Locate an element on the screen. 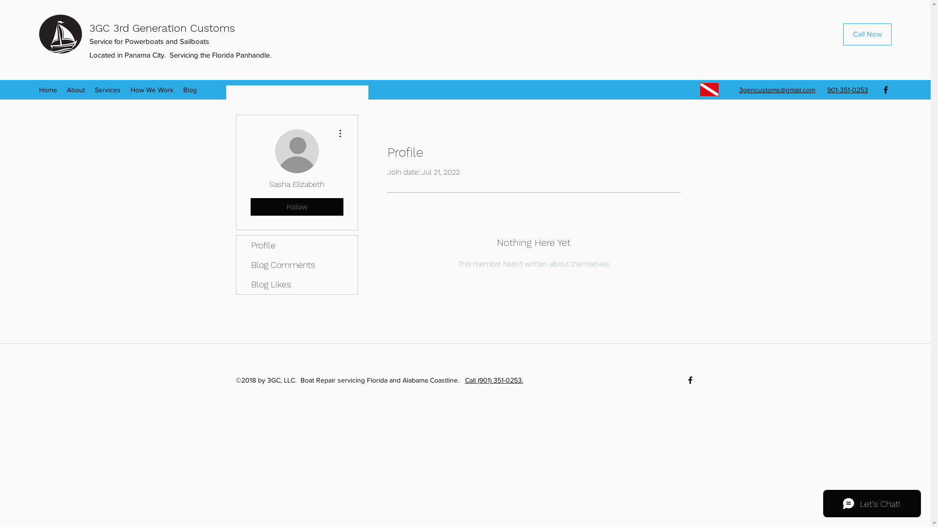 The height and width of the screenshot is (527, 938). '3GC 3rd Generation Customs' is located at coordinates (162, 27).